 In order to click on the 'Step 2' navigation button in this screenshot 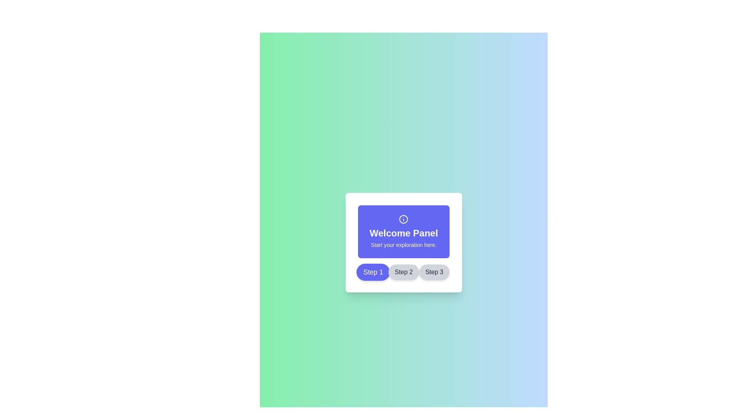, I will do `click(404, 271)`.